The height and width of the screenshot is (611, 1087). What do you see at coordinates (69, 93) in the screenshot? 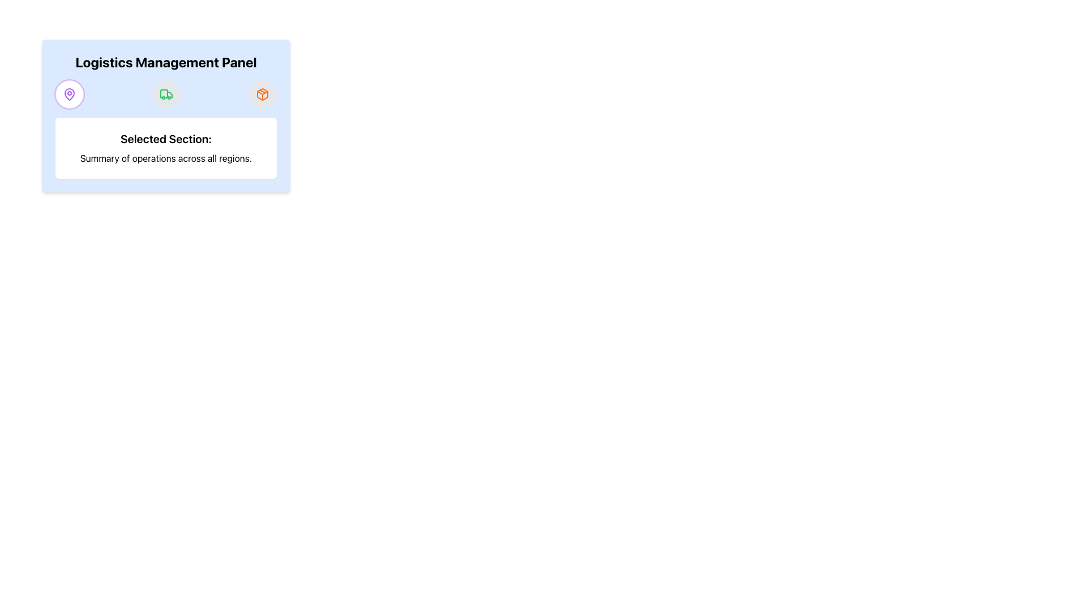
I see `the leftmost circular button containing a purple map-pin-shaped icon in the top-left corner of the blue 'Logistics Management Panel'` at bounding box center [69, 93].